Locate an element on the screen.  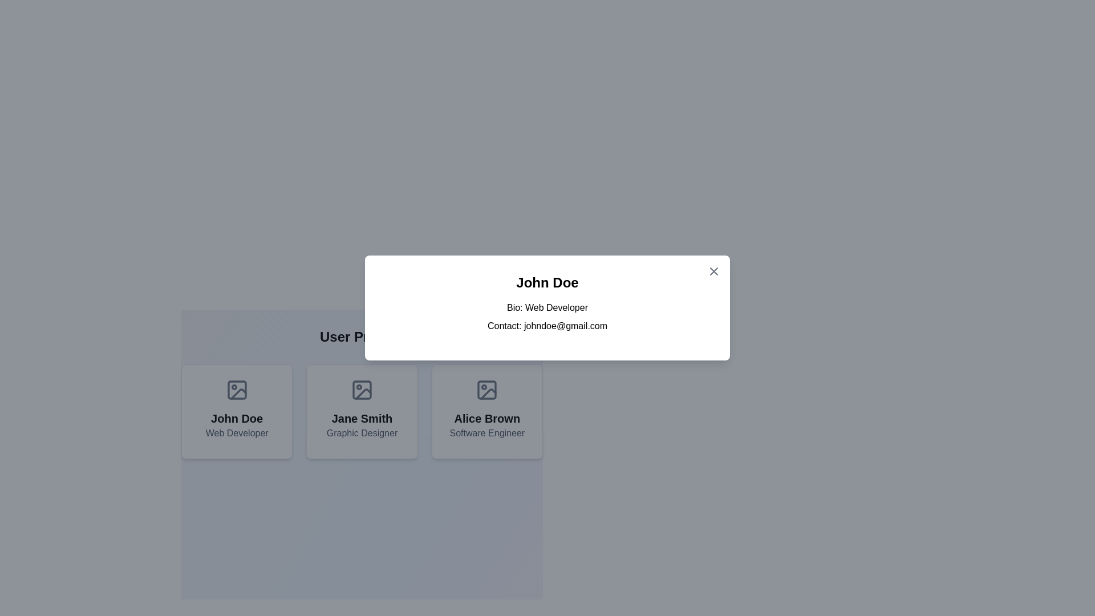
the Profile Card featuring 'John Doe', which has a picture frame icon at the top and is located in the first column of a three-column grid is located at coordinates (236, 411).